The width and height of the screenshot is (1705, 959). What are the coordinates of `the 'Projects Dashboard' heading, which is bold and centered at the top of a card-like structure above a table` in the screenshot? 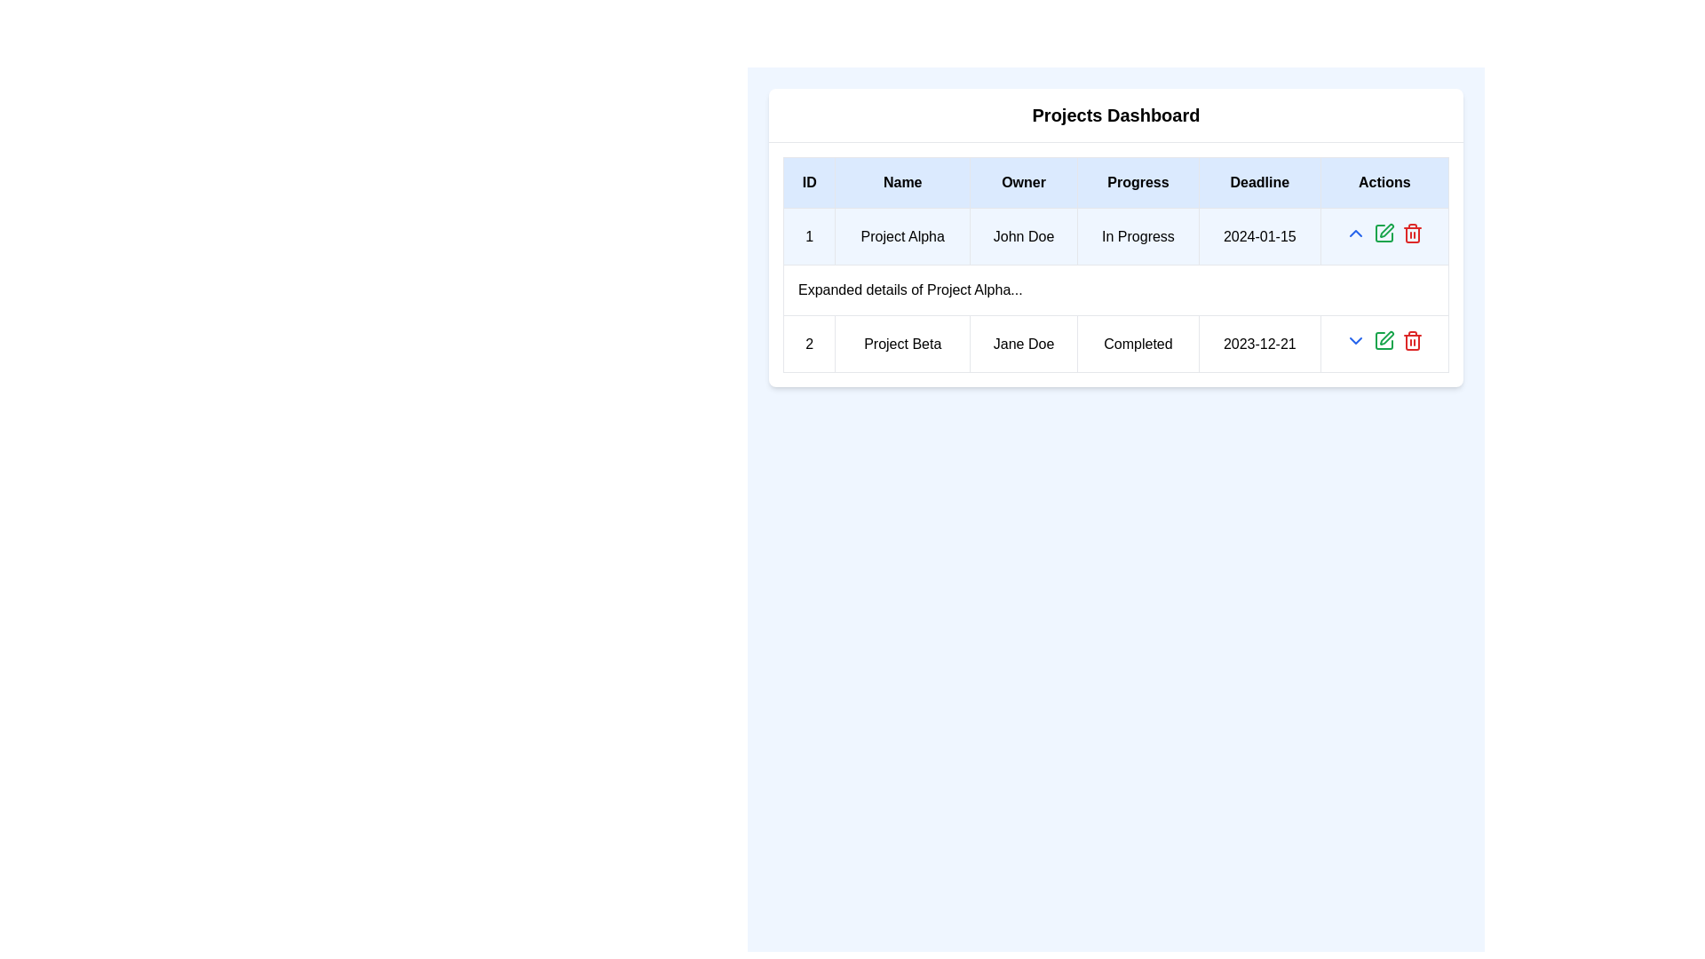 It's located at (1115, 115).